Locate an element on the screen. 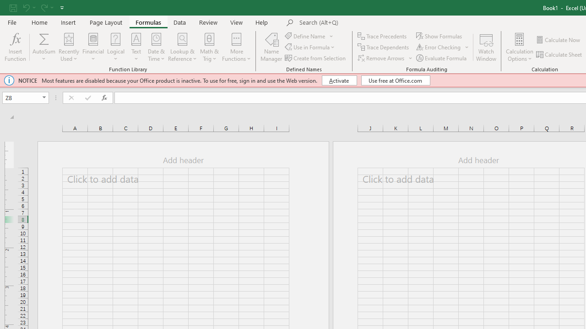 The height and width of the screenshot is (329, 586). 'Financial' is located at coordinates (93, 47).